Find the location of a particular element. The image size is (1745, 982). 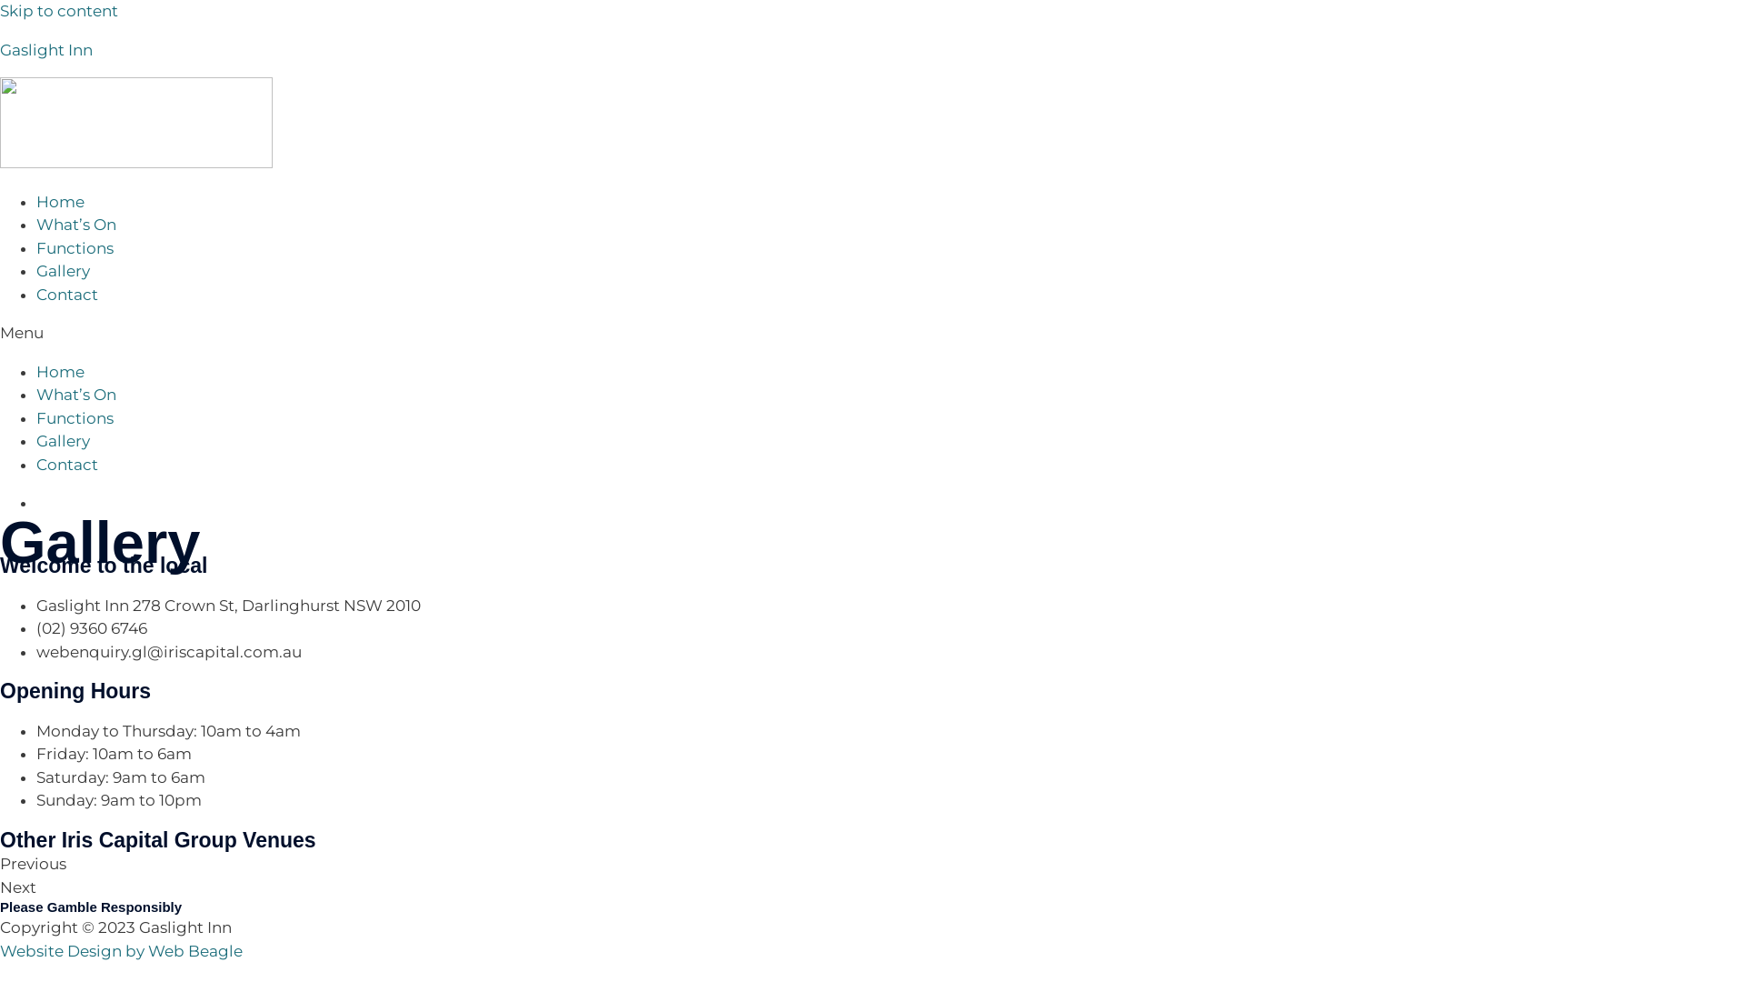

'Contact' is located at coordinates (66, 294).